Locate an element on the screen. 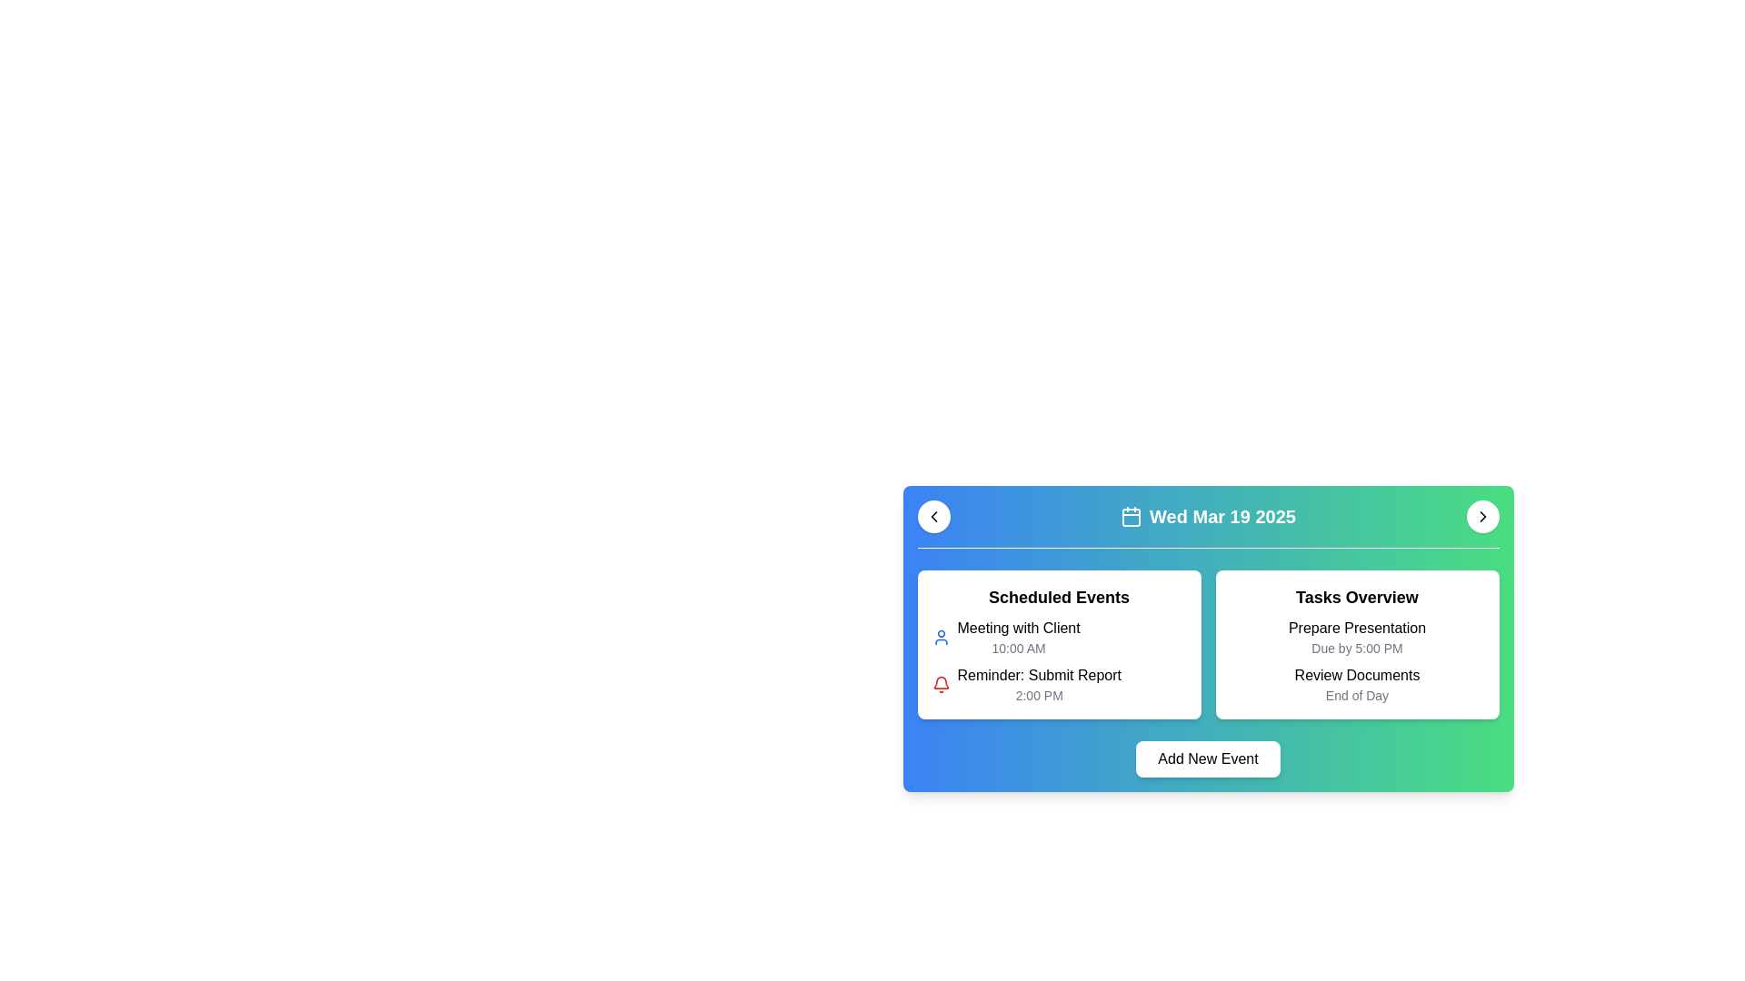  the first scheduled event description in the 'Scheduled Events' section for further interaction or details about the event is located at coordinates (1019, 637).